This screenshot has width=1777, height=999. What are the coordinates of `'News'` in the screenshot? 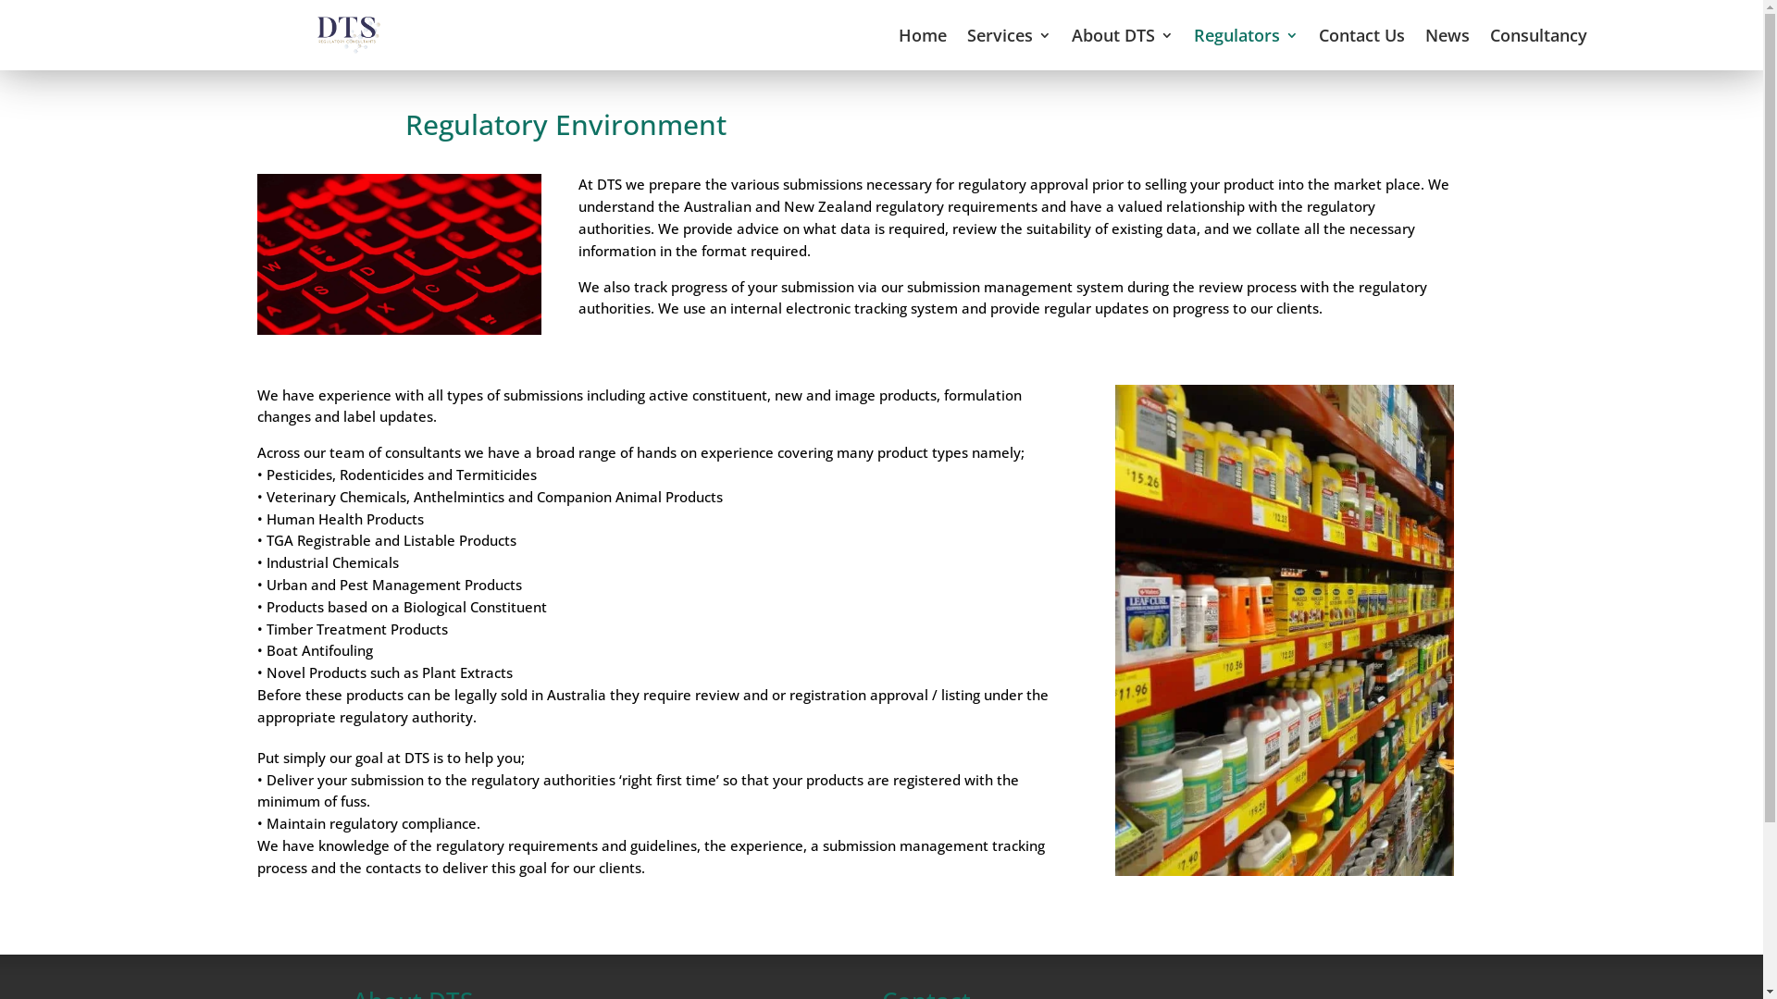 It's located at (1447, 35).